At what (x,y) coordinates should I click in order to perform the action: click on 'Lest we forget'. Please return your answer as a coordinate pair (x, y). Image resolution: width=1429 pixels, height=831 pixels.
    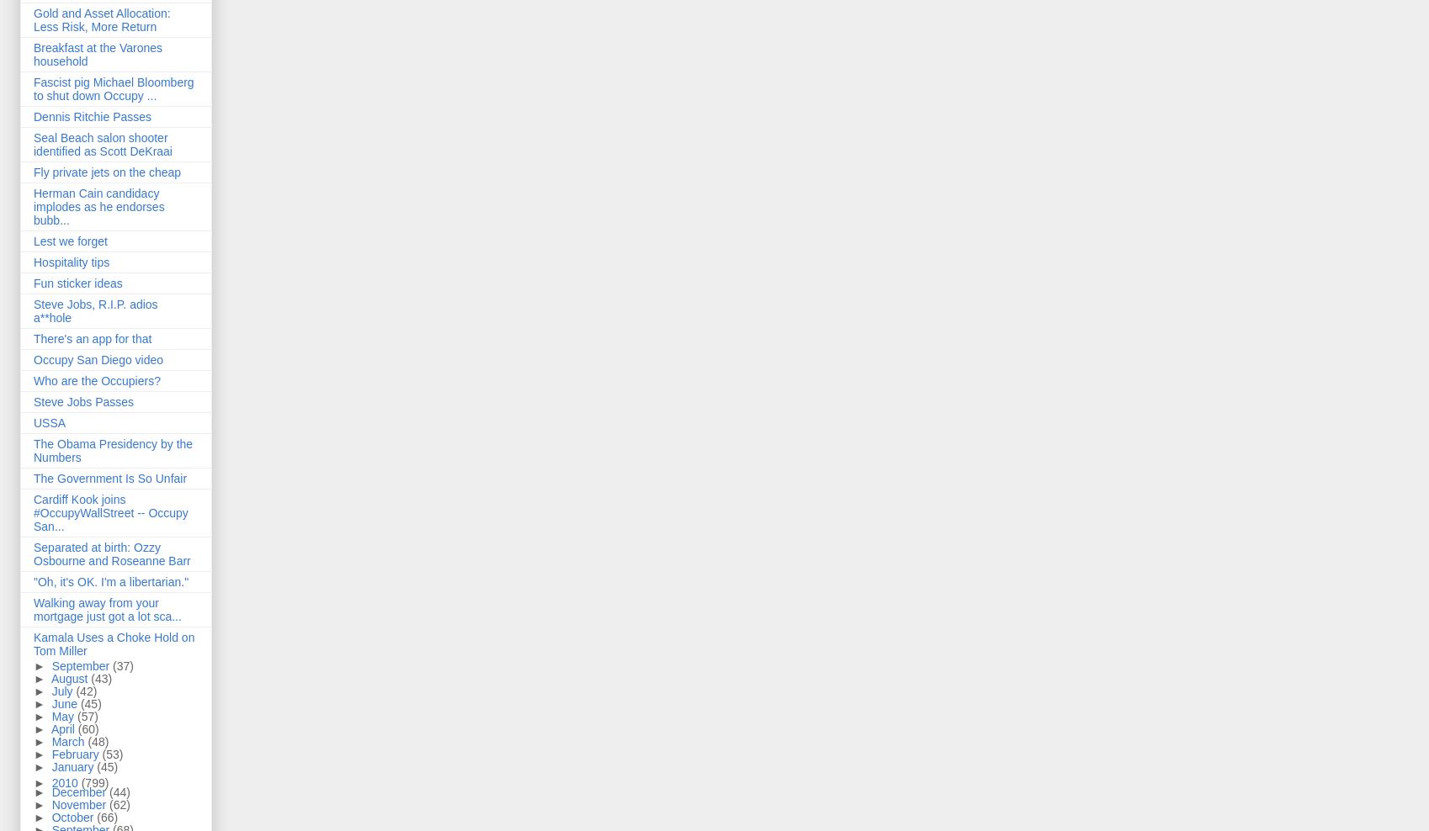
    Looking at the image, I should click on (70, 240).